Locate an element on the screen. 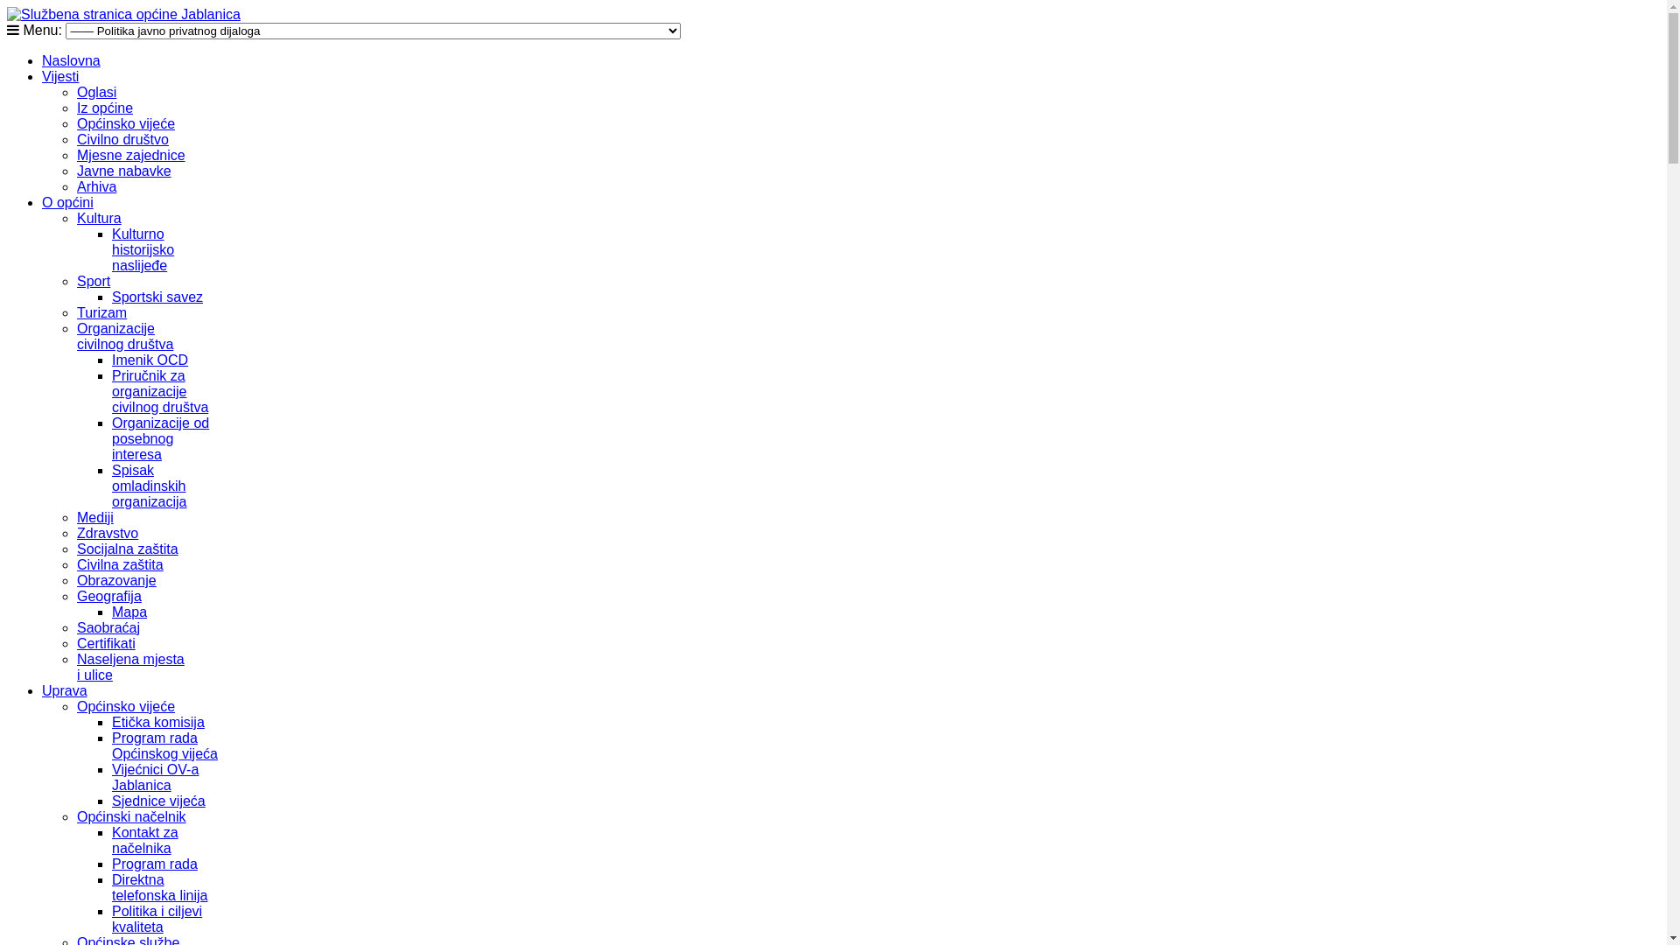 This screenshot has height=945, width=1680. 'Mediji' is located at coordinates (94, 516).